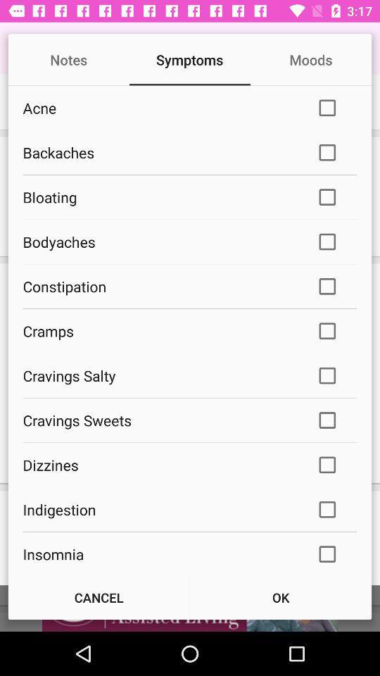 This screenshot has height=676, width=380. I want to click on the item above the bloating item, so click(159, 152).